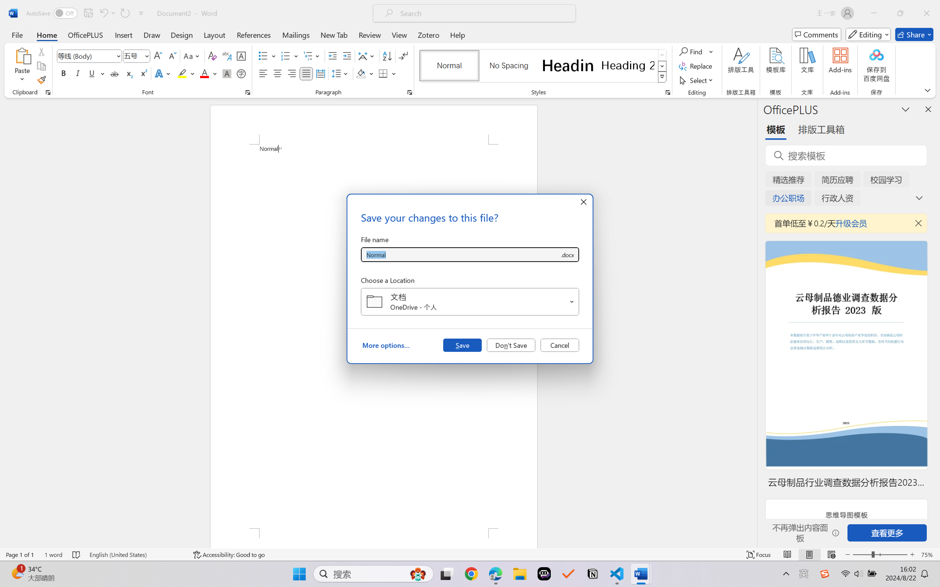 Image resolution: width=940 pixels, height=587 pixels. I want to click on 'Numbering', so click(285, 56).